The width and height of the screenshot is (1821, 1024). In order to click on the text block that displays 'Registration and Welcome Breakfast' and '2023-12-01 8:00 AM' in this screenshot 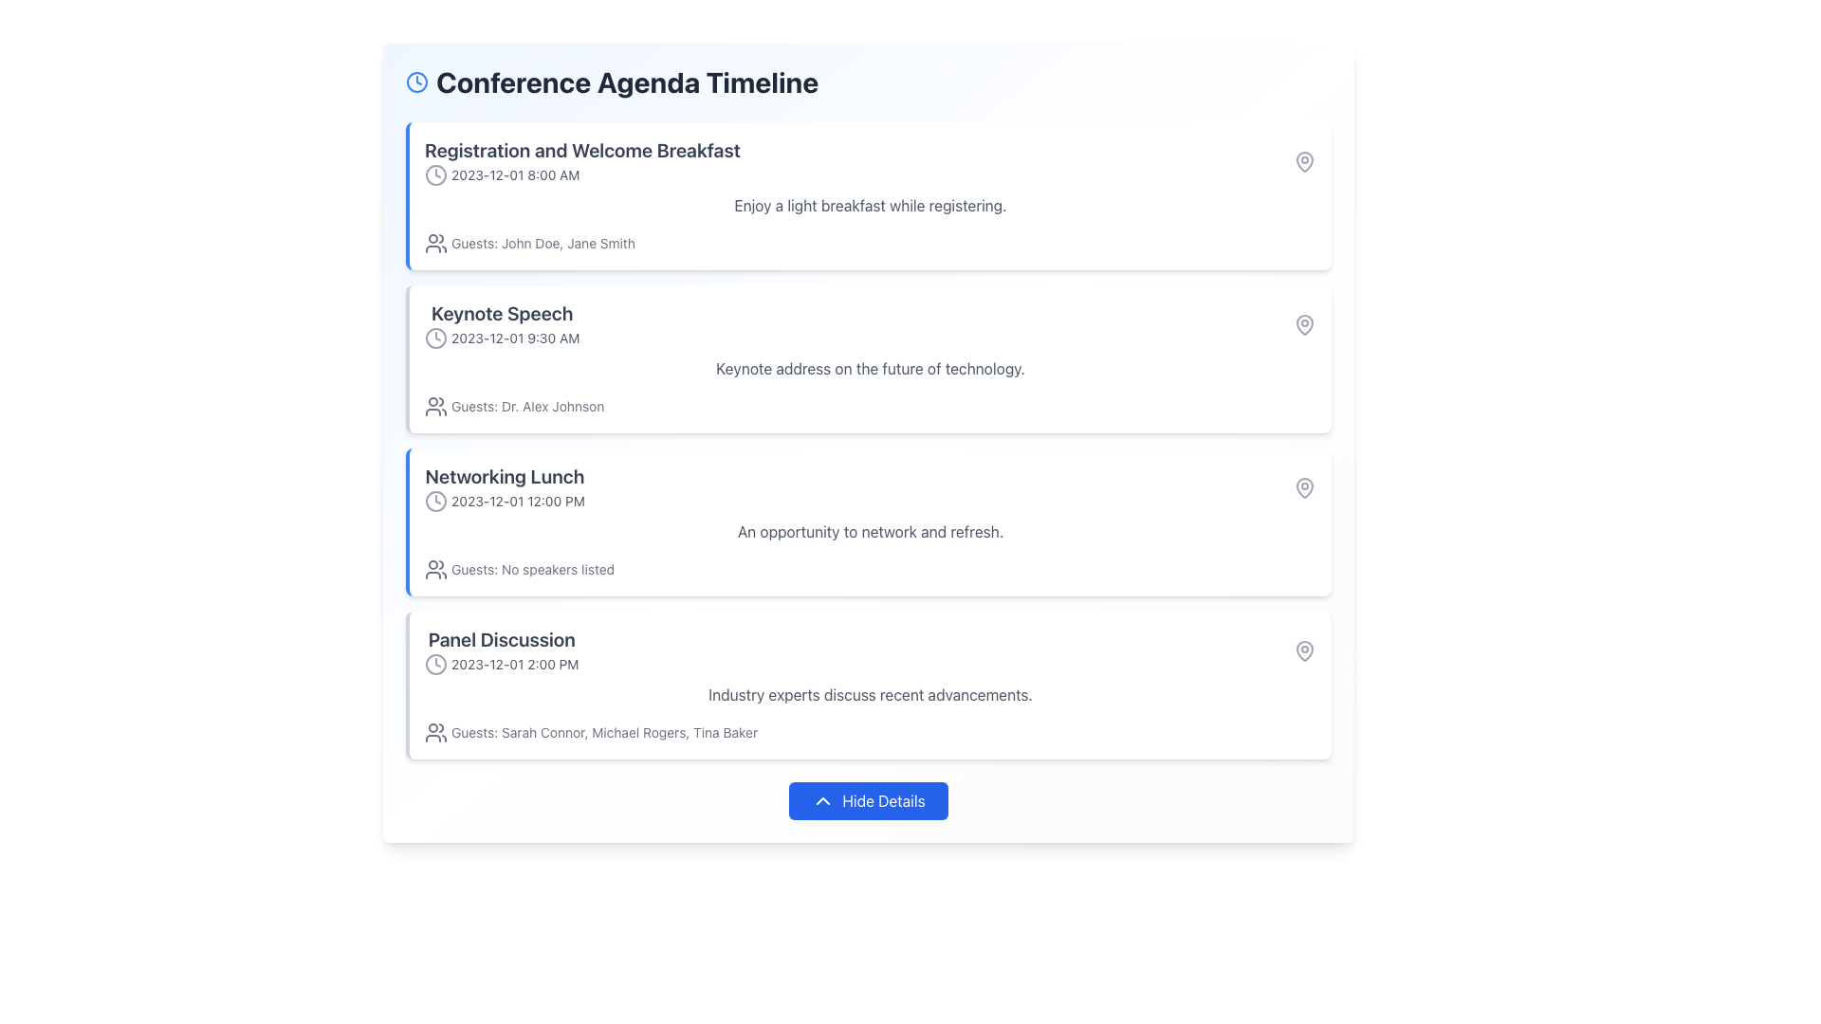, I will do `click(581, 160)`.